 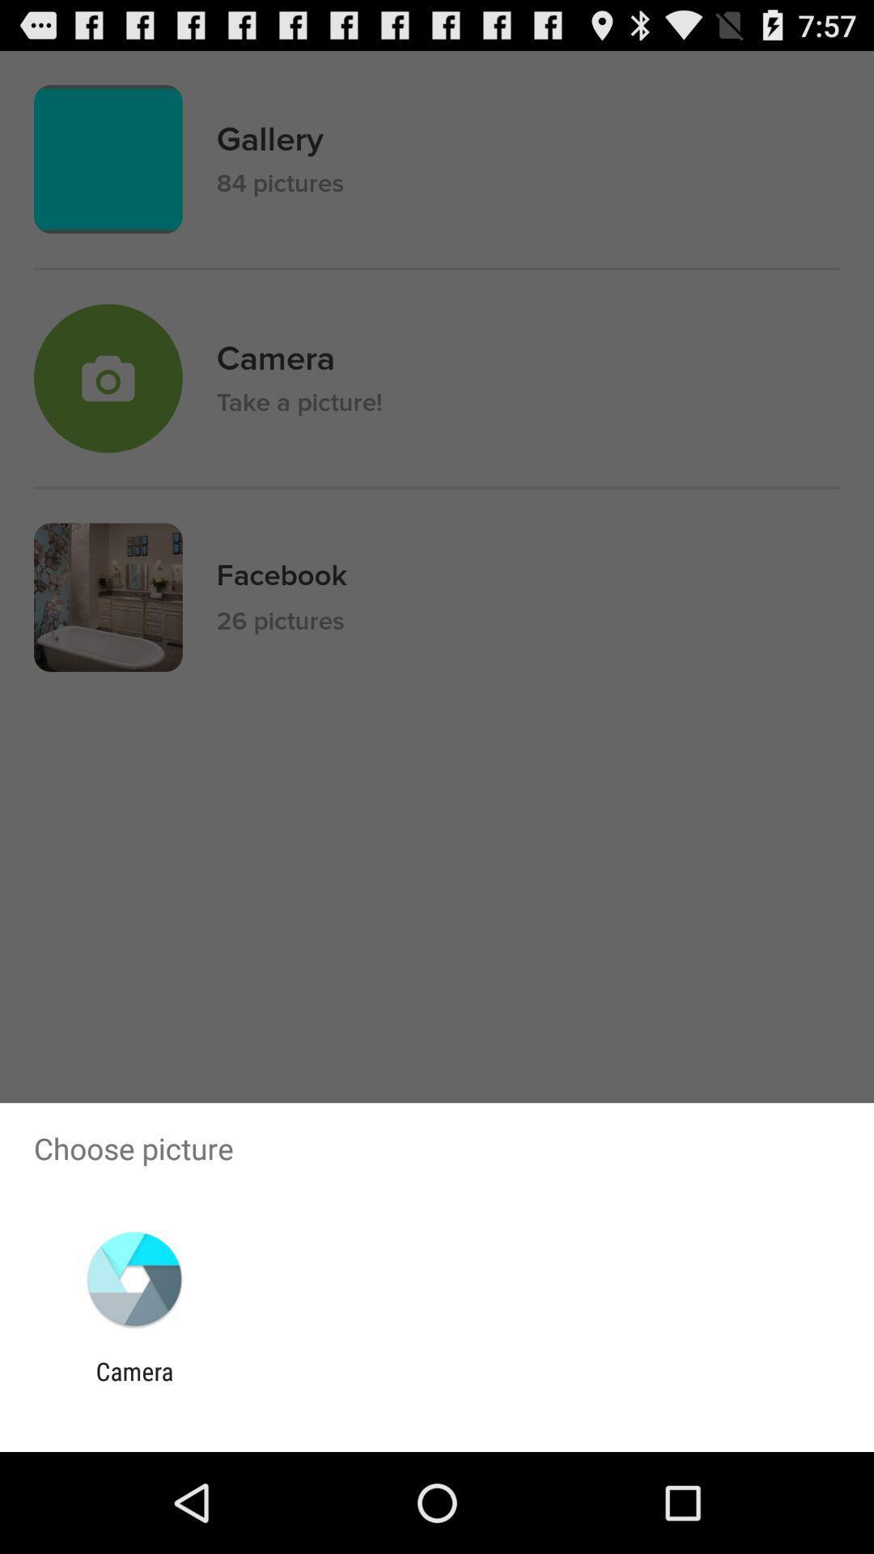 I want to click on the app below choose picture, so click(x=134, y=1278).